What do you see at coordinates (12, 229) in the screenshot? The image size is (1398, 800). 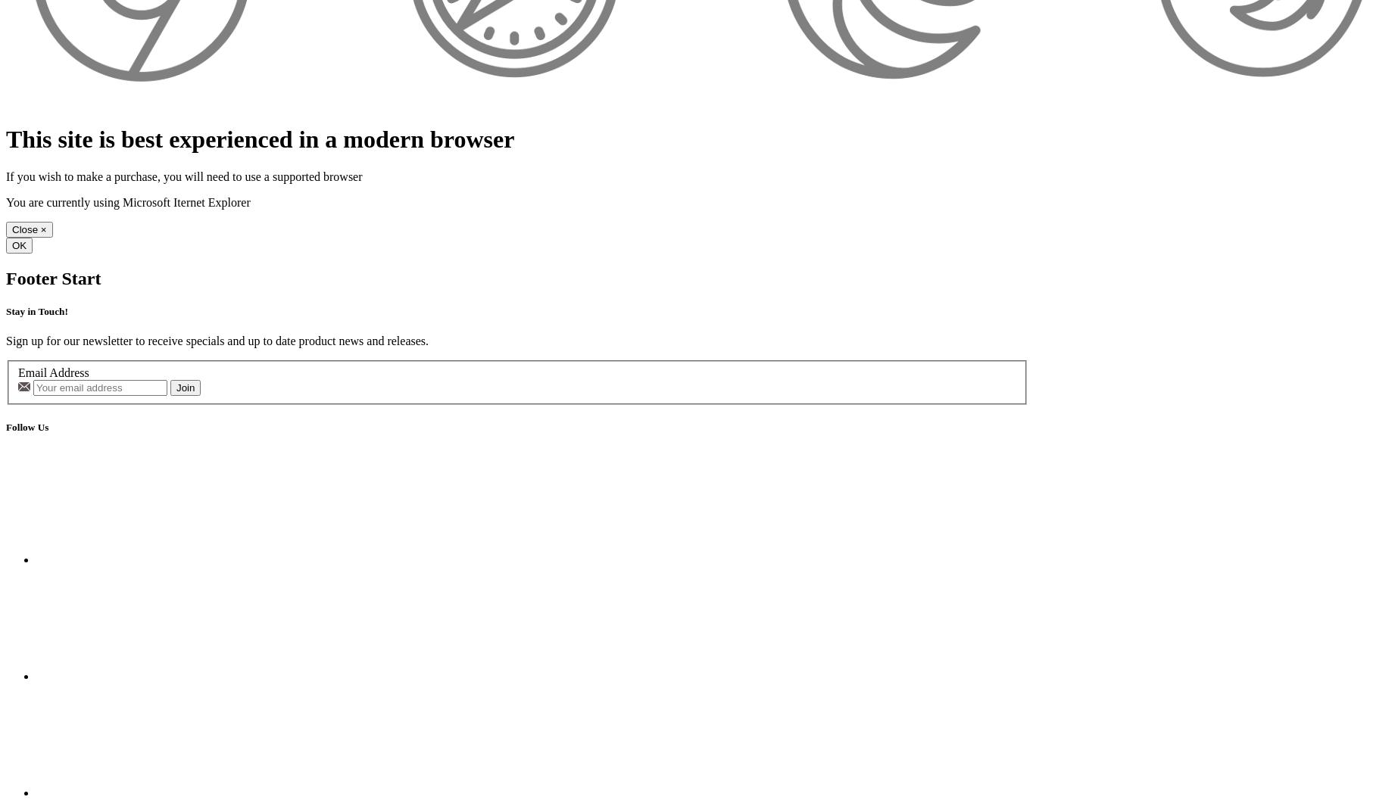 I see `'Close'` at bounding box center [12, 229].